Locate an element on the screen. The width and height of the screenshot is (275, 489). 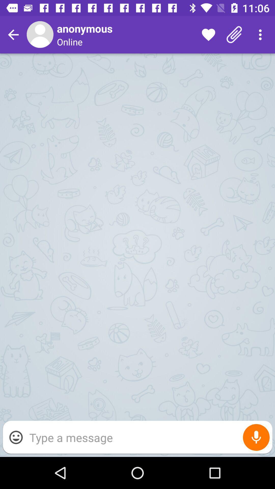
the item at the bottom left corner is located at coordinates (16, 437).